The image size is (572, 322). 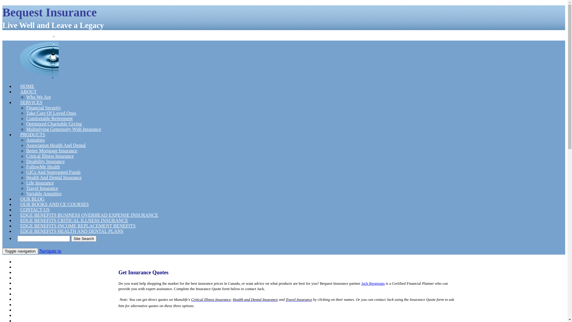 I want to click on 'Financial Security', so click(x=43, y=108).